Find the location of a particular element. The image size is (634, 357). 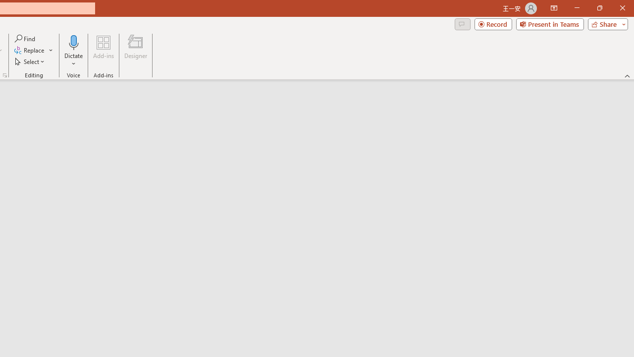

'More Options' is located at coordinates (73, 60).